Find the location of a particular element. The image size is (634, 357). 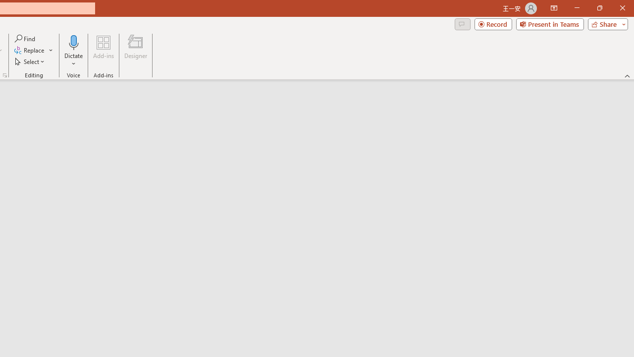

'More Options' is located at coordinates (73, 60).